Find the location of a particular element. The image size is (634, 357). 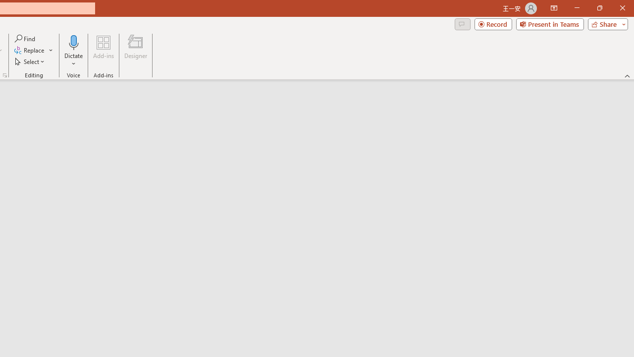

'More Options' is located at coordinates (73, 60).